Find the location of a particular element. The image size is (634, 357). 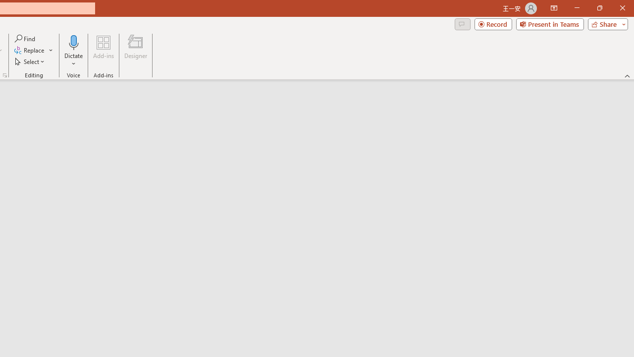

'More Options' is located at coordinates (73, 60).